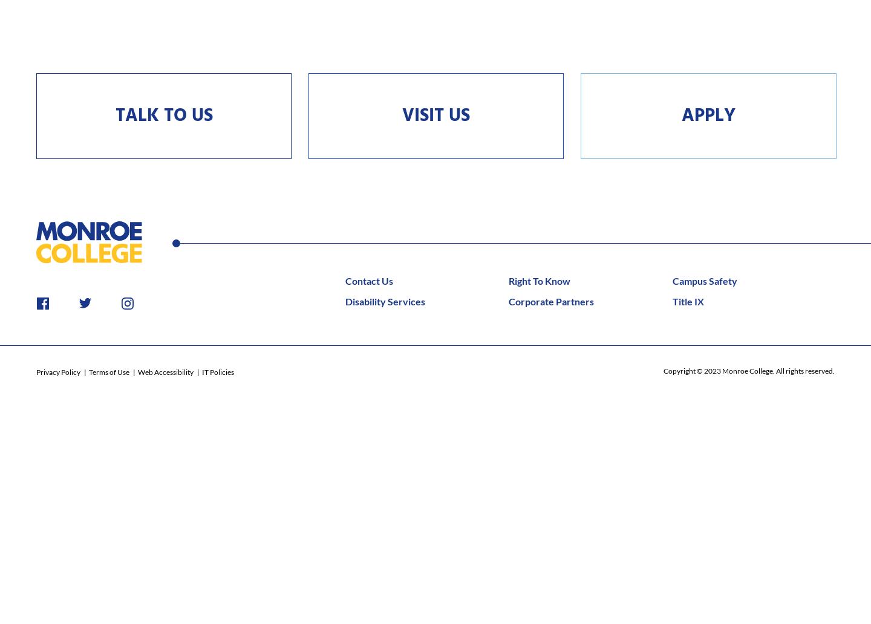  What do you see at coordinates (538, 279) in the screenshot?
I see `'Right To Know'` at bounding box center [538, 279].